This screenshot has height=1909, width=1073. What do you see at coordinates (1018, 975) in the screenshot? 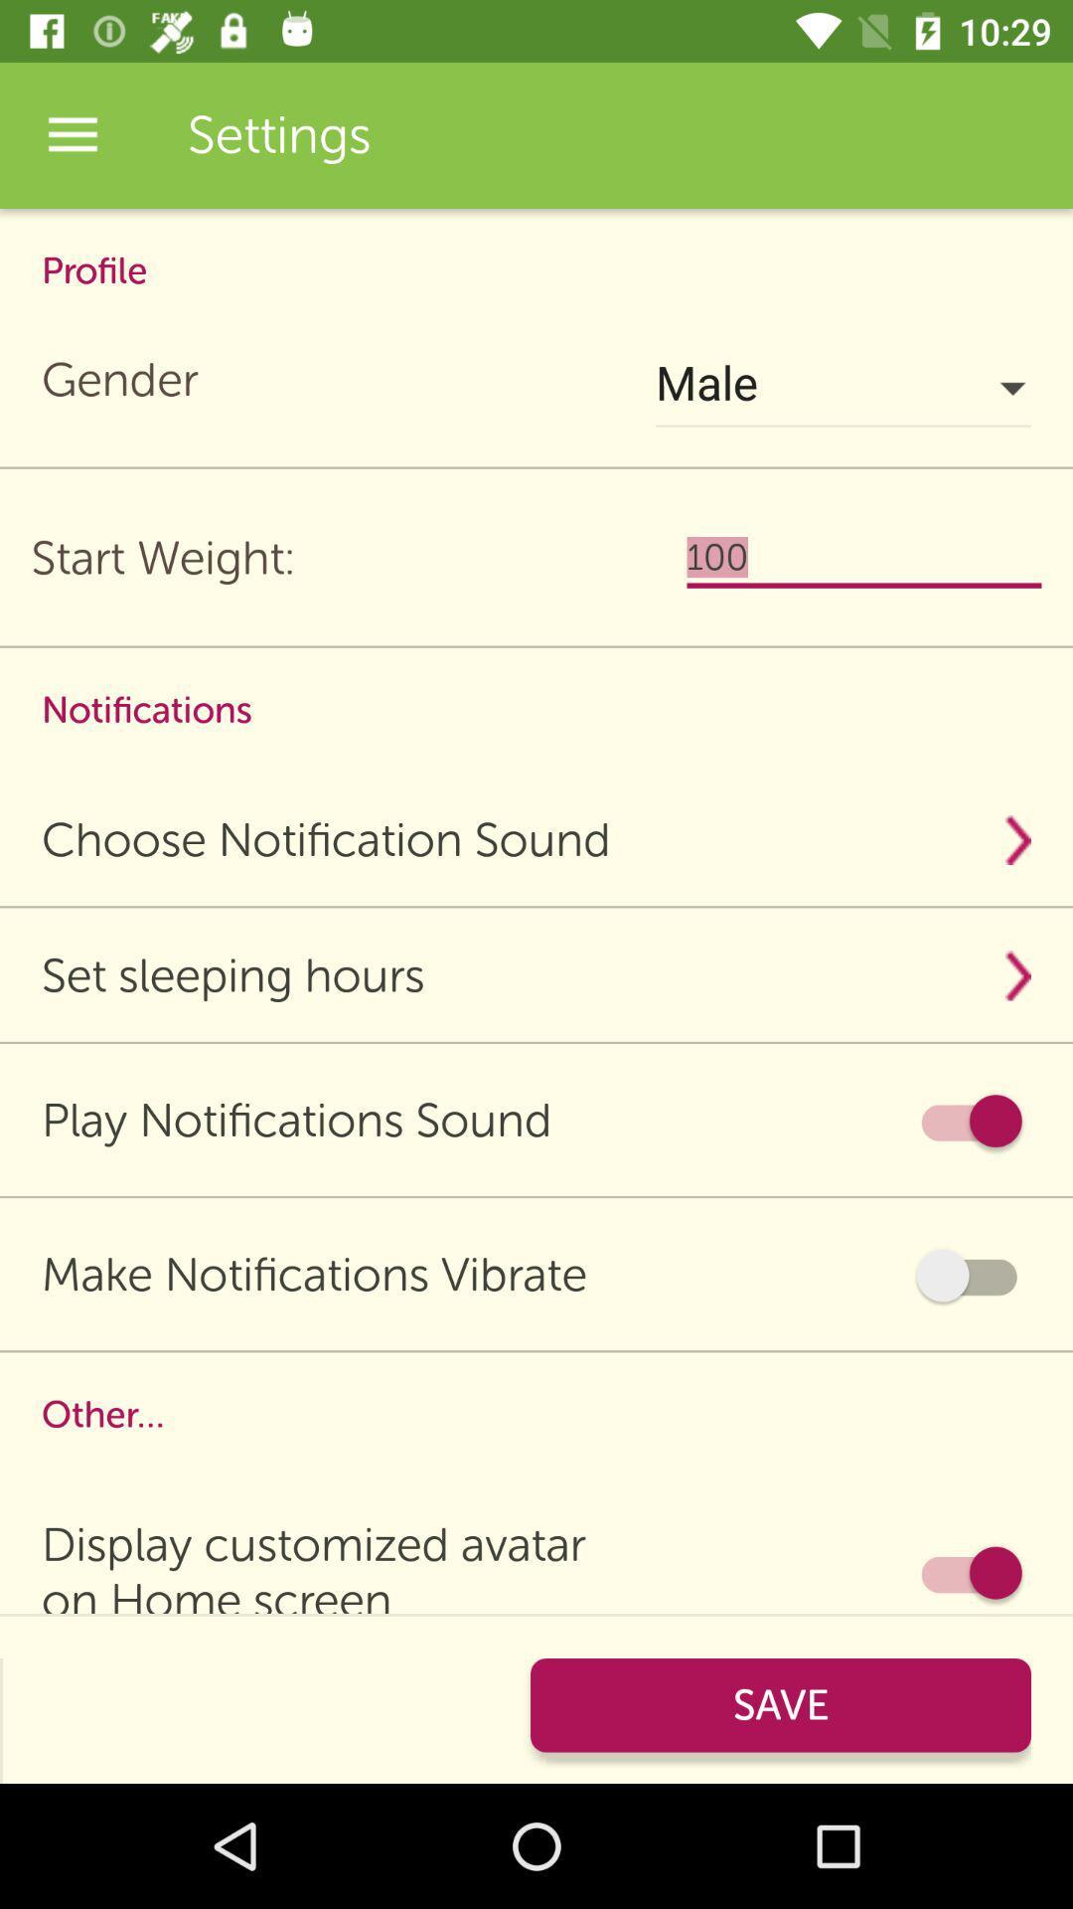
I see `the dropdown button beside the text set sleeping hours` at bounding box center [1018, 975].